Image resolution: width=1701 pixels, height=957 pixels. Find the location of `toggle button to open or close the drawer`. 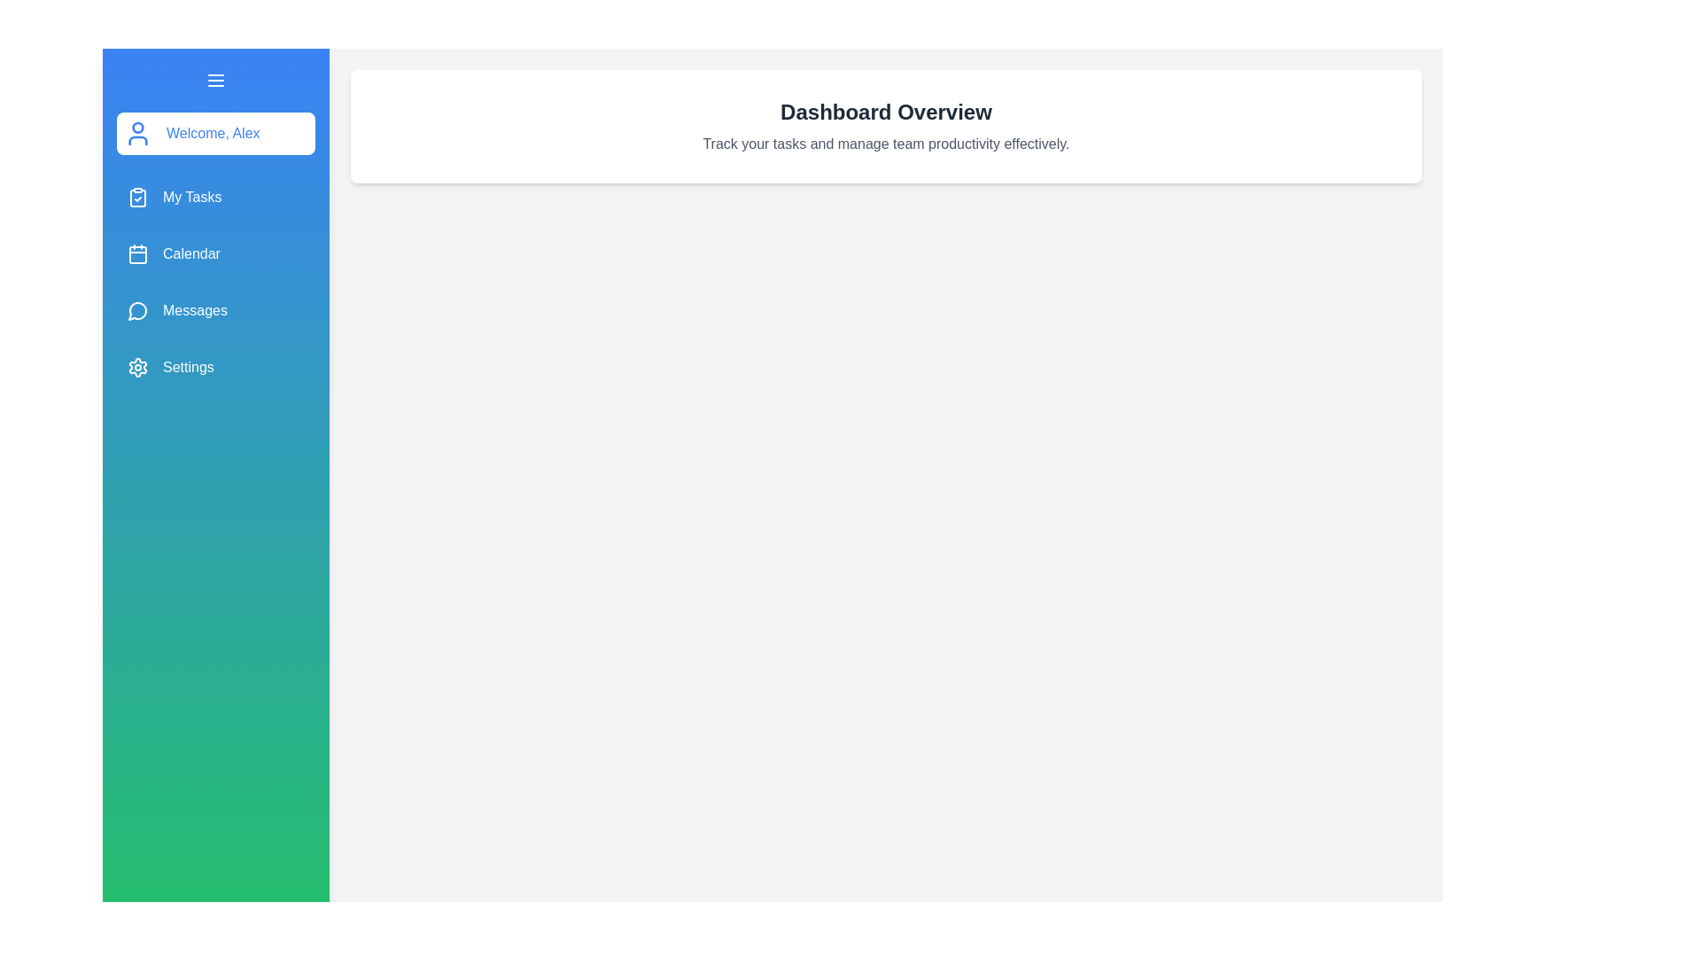

toggle button to open or close the drawer is located at coordinates (215, 81).